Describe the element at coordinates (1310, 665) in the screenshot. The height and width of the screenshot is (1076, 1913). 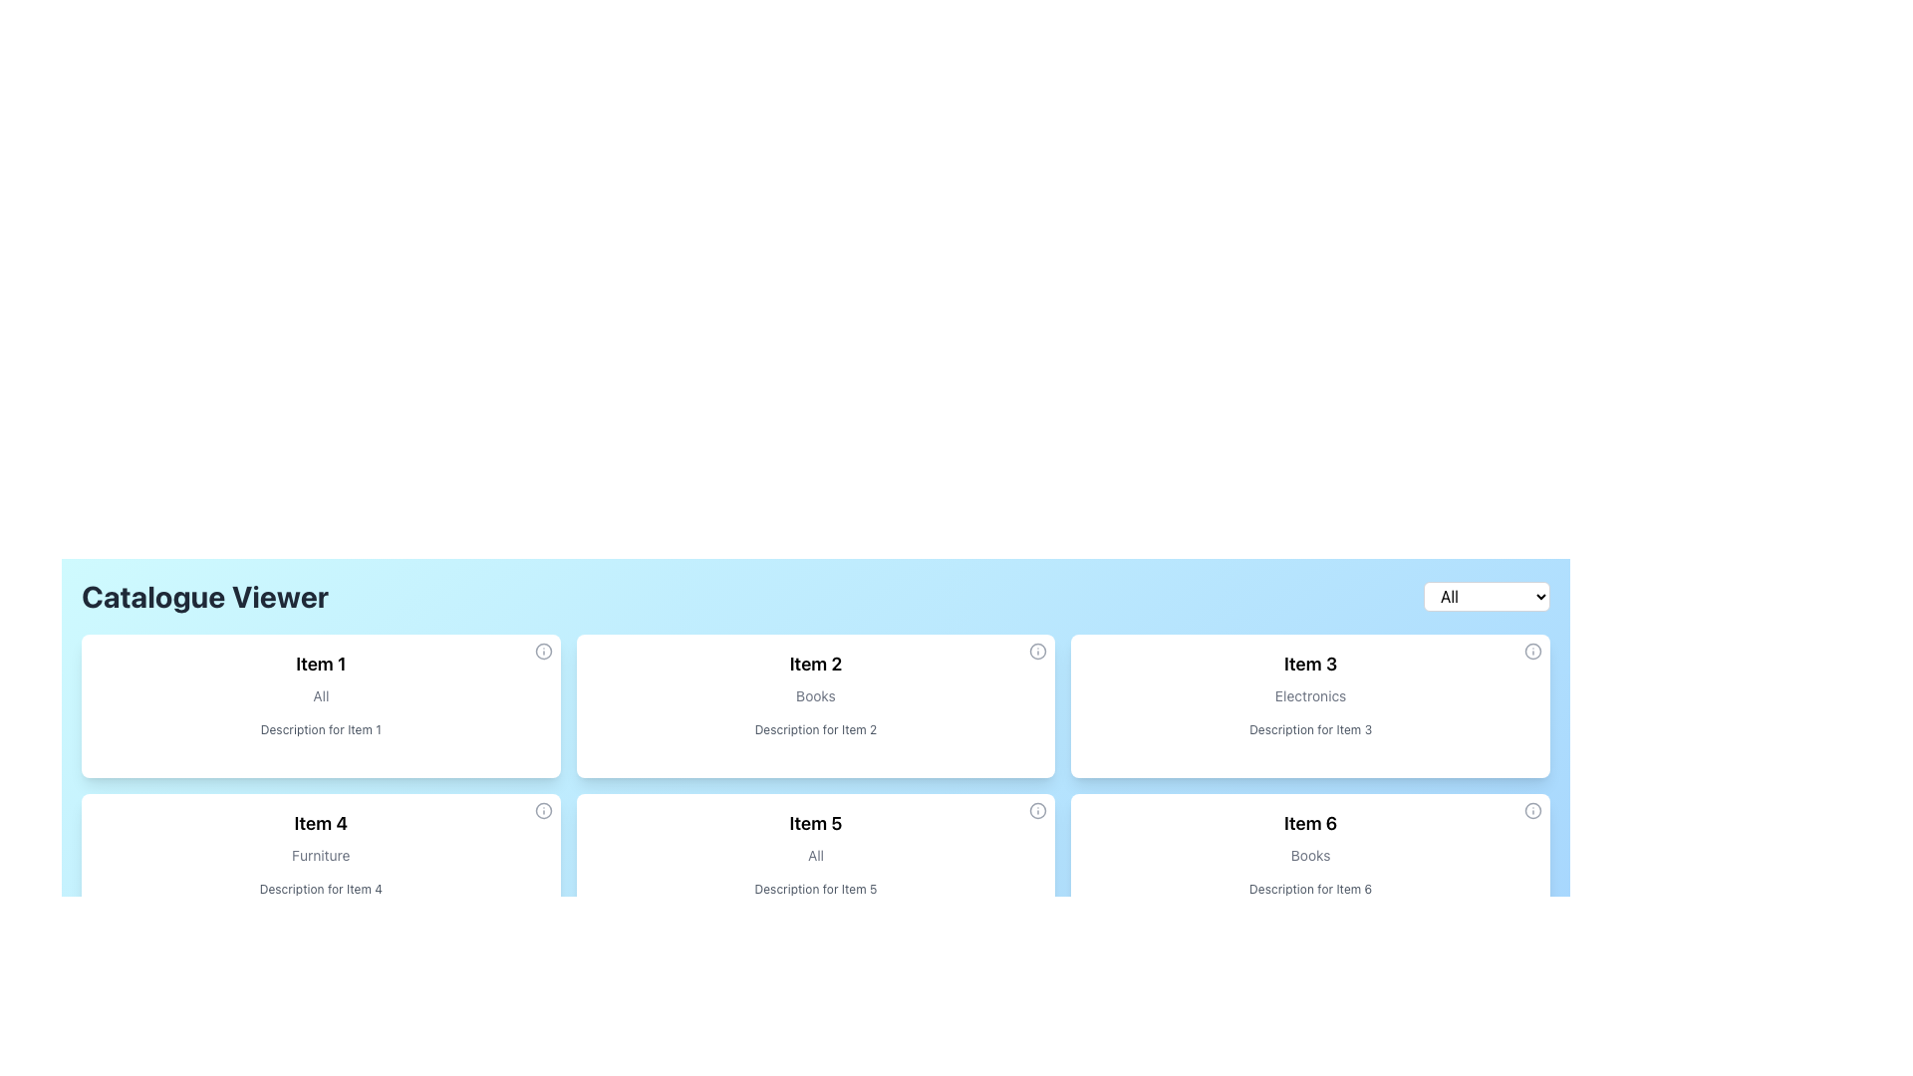
I see `the text content of the bold header reading 'Item 3', which is located at the top of the card component` at that location.